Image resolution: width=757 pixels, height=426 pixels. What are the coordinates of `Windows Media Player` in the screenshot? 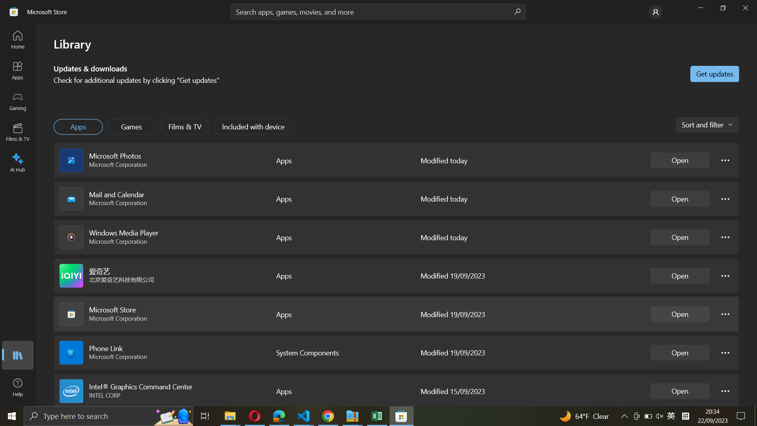 It's located at (679, 236).